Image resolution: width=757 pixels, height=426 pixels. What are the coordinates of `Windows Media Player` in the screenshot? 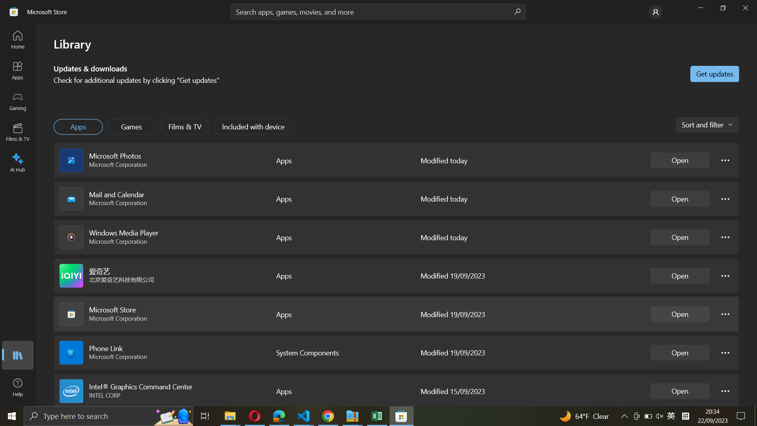 It's located at (679, 236).